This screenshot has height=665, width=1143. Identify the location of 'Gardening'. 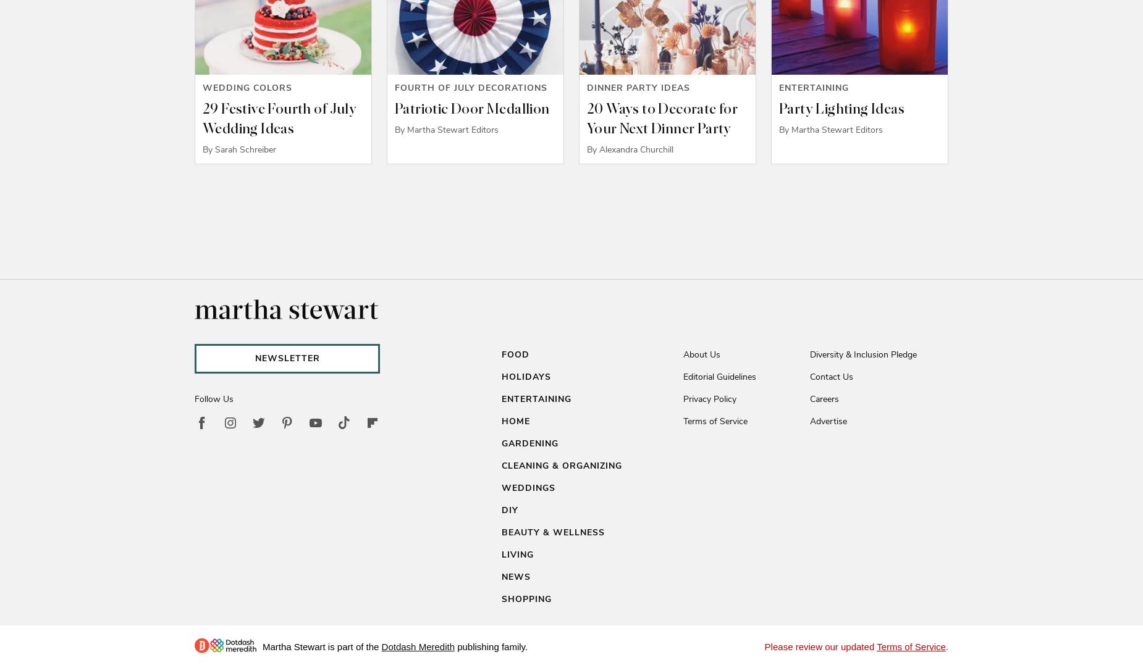
(530, 443).